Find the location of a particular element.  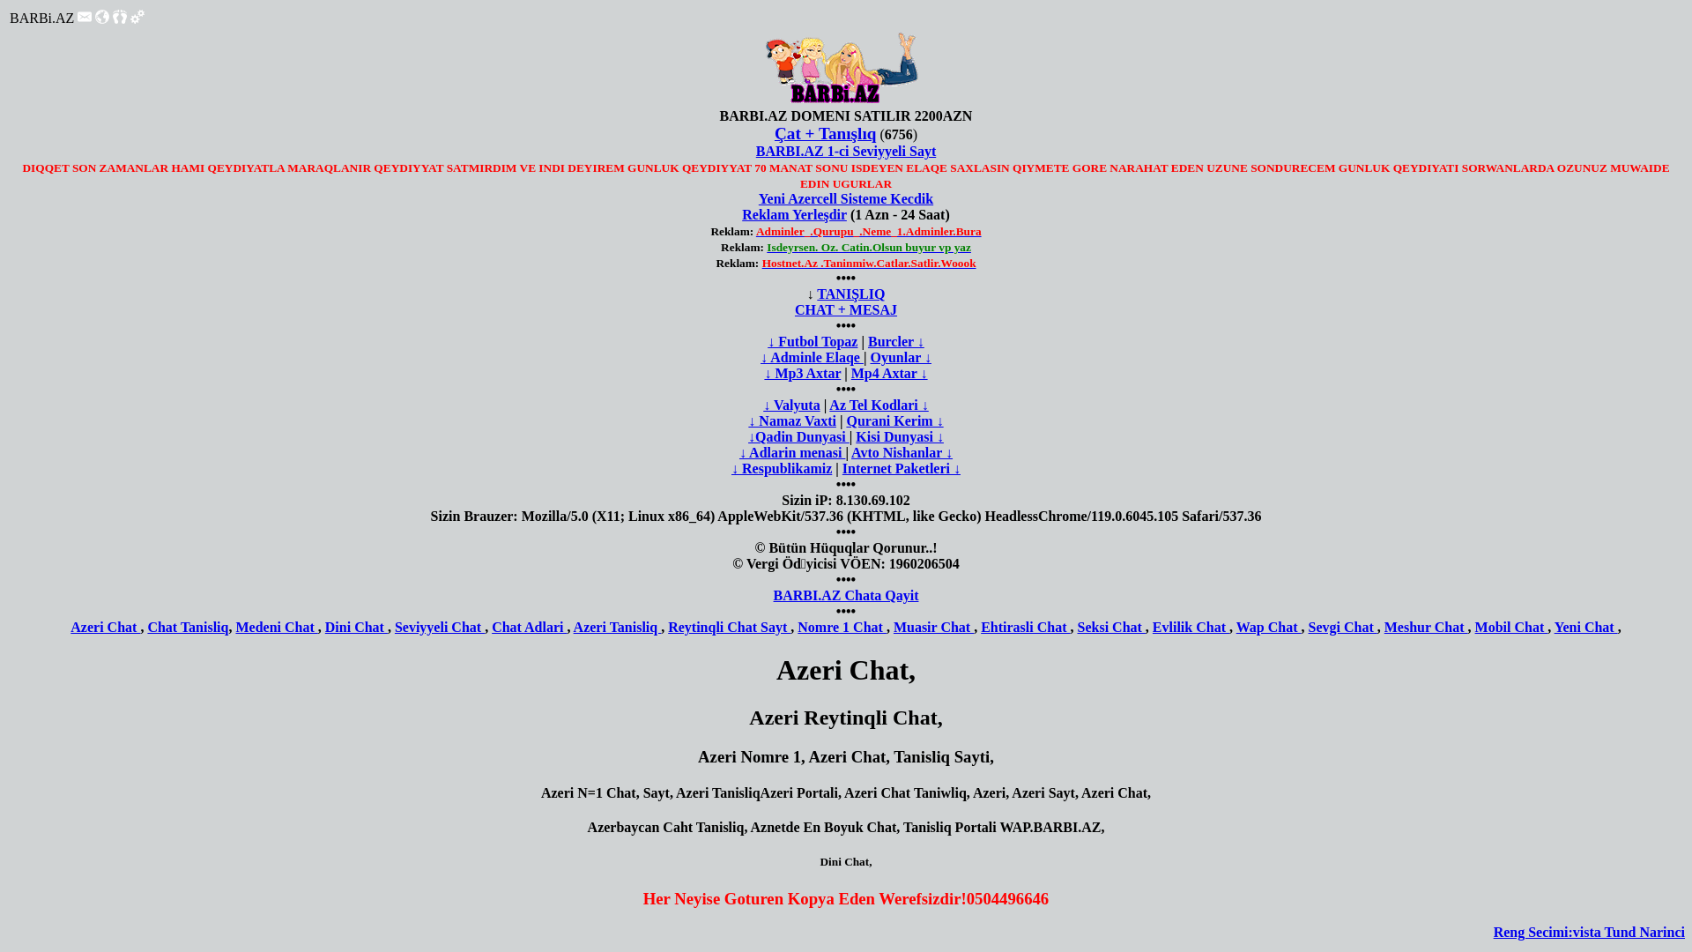

'Qonaqlar' is located at coordinates (118, 17).